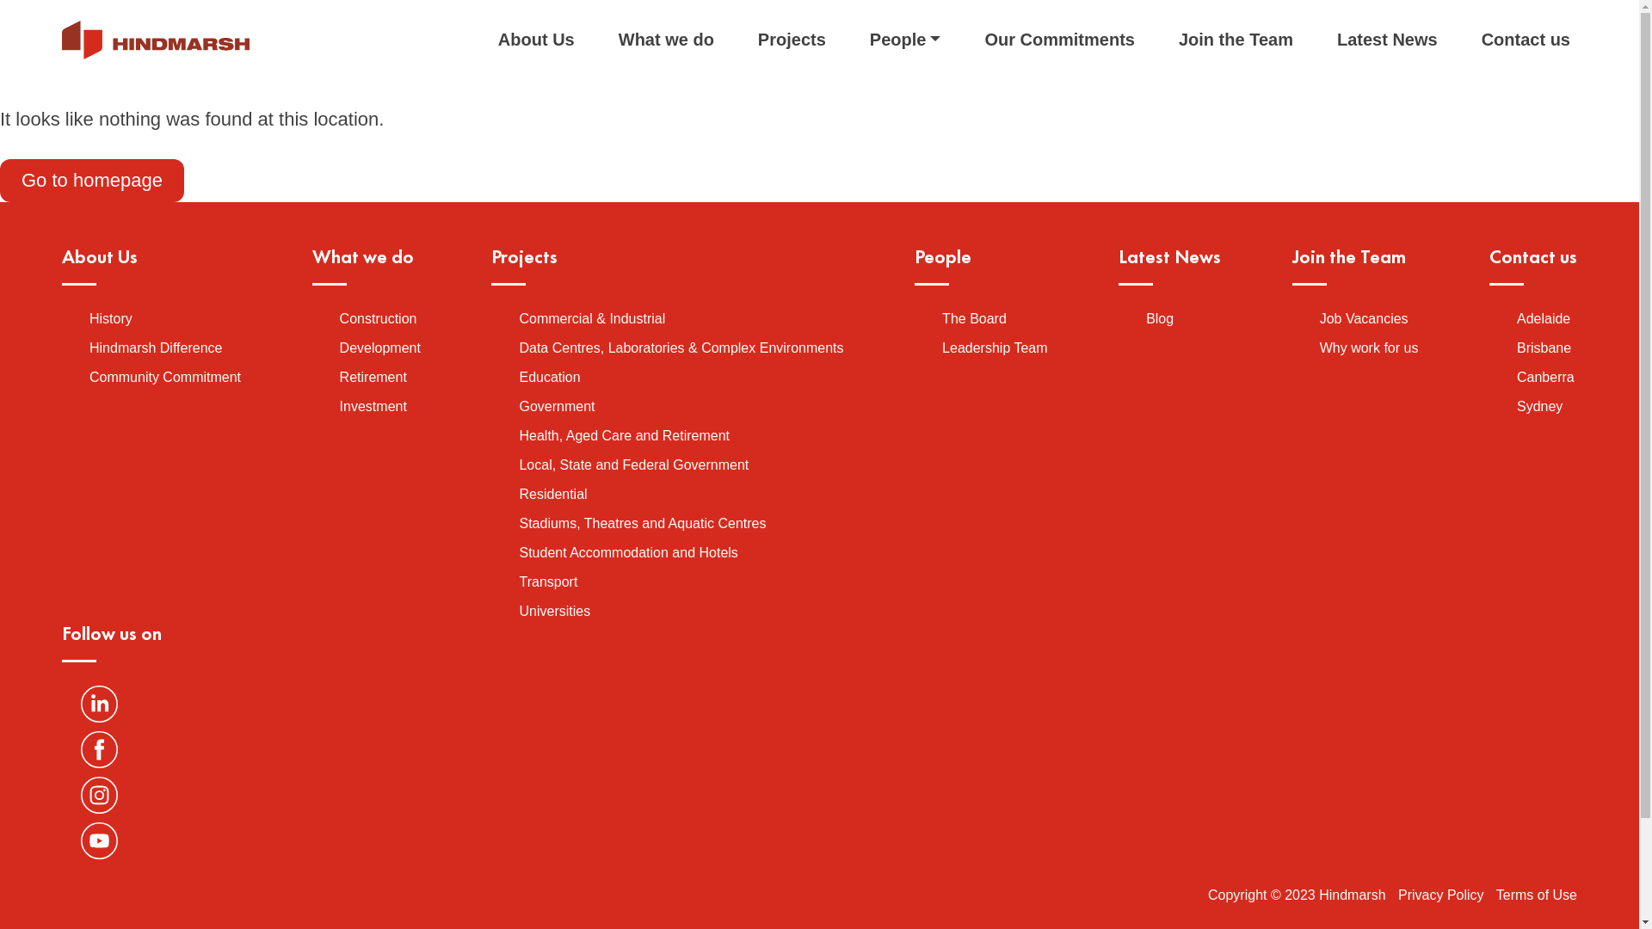  Describe the element at coordinates (632, 464) in the screenshot. I see `'Local, State and Federal Government'` at that location.